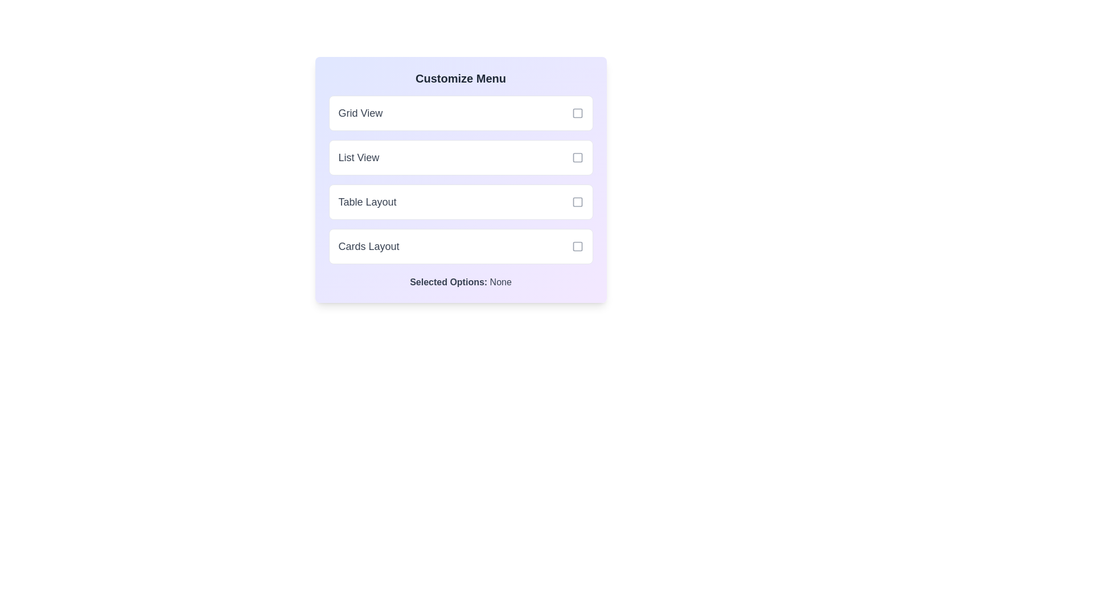 The image size is (1093, 615). Describe the element at coordinates (461, 201) in the screenshot. I see `the checkbox labeled 'Table Layout'` at that location.